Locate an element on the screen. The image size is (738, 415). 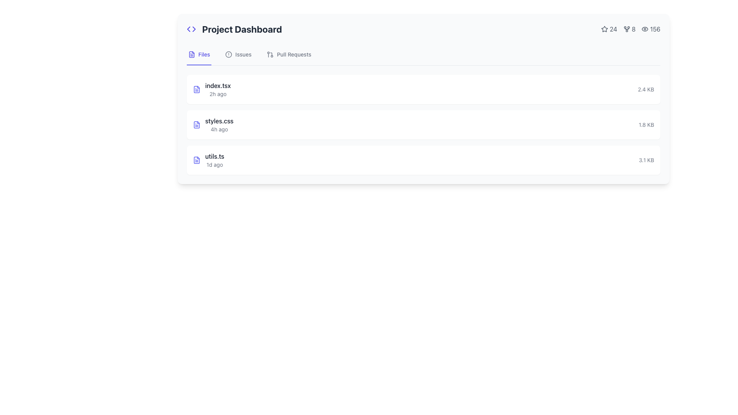
the number '156' displayed with the eye icon located in the top-right corner of the interface, specifically the third element in a horizontal group of similar numerical displays is located at coordinates (650, 29).